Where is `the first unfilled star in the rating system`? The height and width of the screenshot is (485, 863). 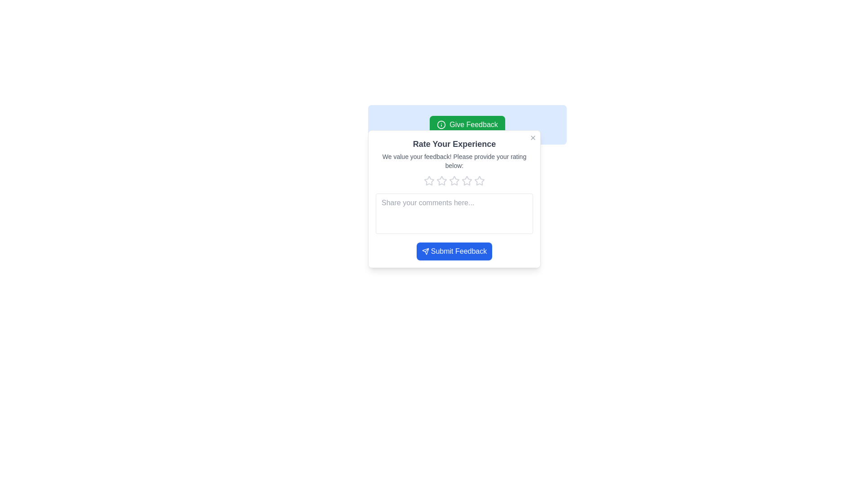
the first unfilled star in the rating system is located at coordinates (442, 181).